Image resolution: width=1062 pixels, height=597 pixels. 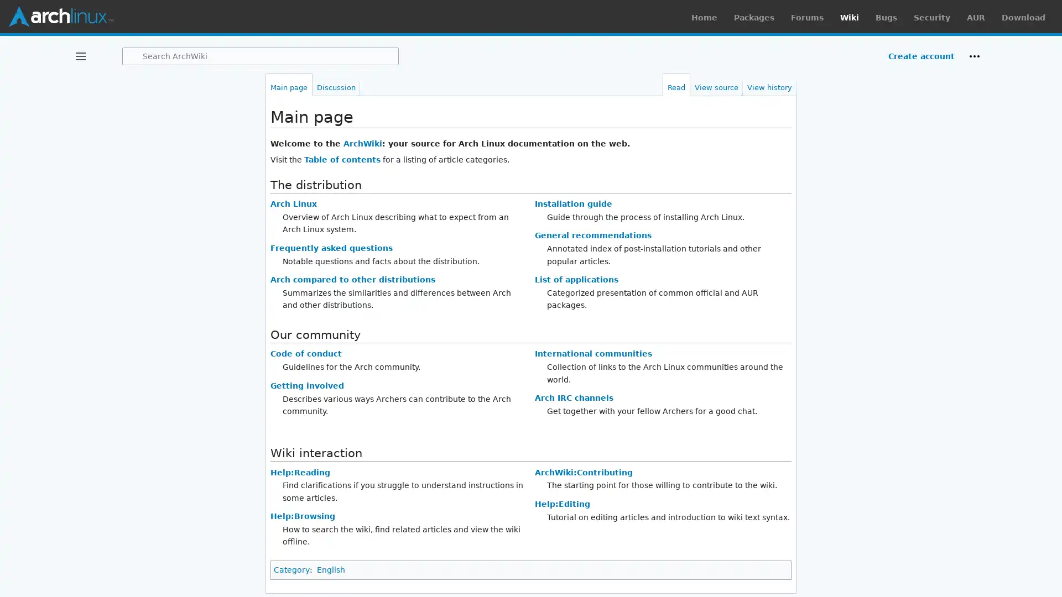 I want to click on Toggle sidebar, so click(x=80, y=56).